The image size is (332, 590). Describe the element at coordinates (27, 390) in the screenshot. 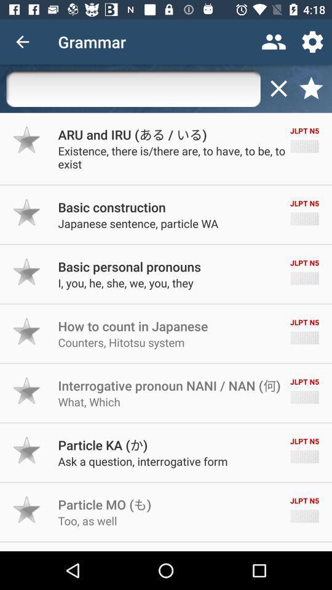

I see `this` at that location.